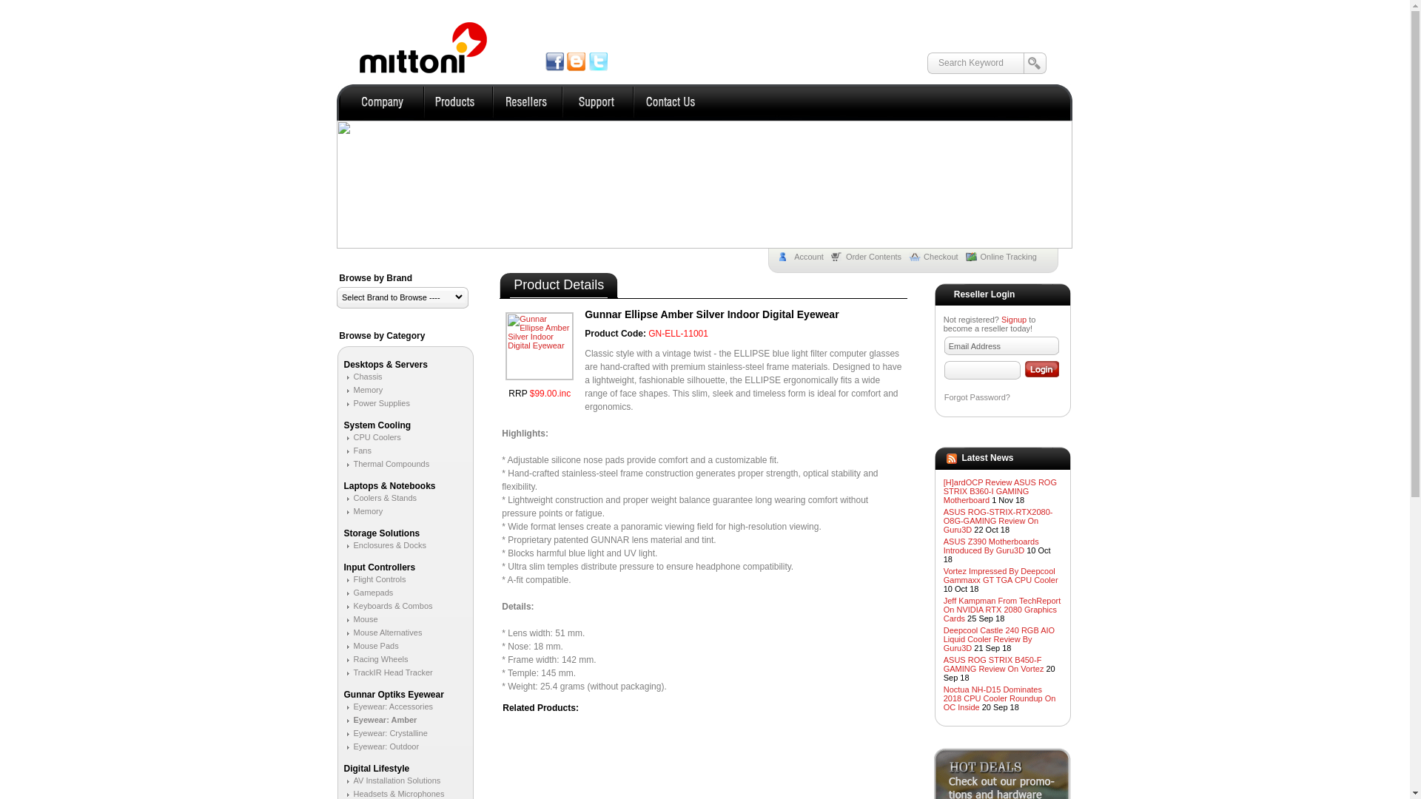  Describe the element at coordinates (362, 376) in the screenshot. I see `'Chassis'` at that location.